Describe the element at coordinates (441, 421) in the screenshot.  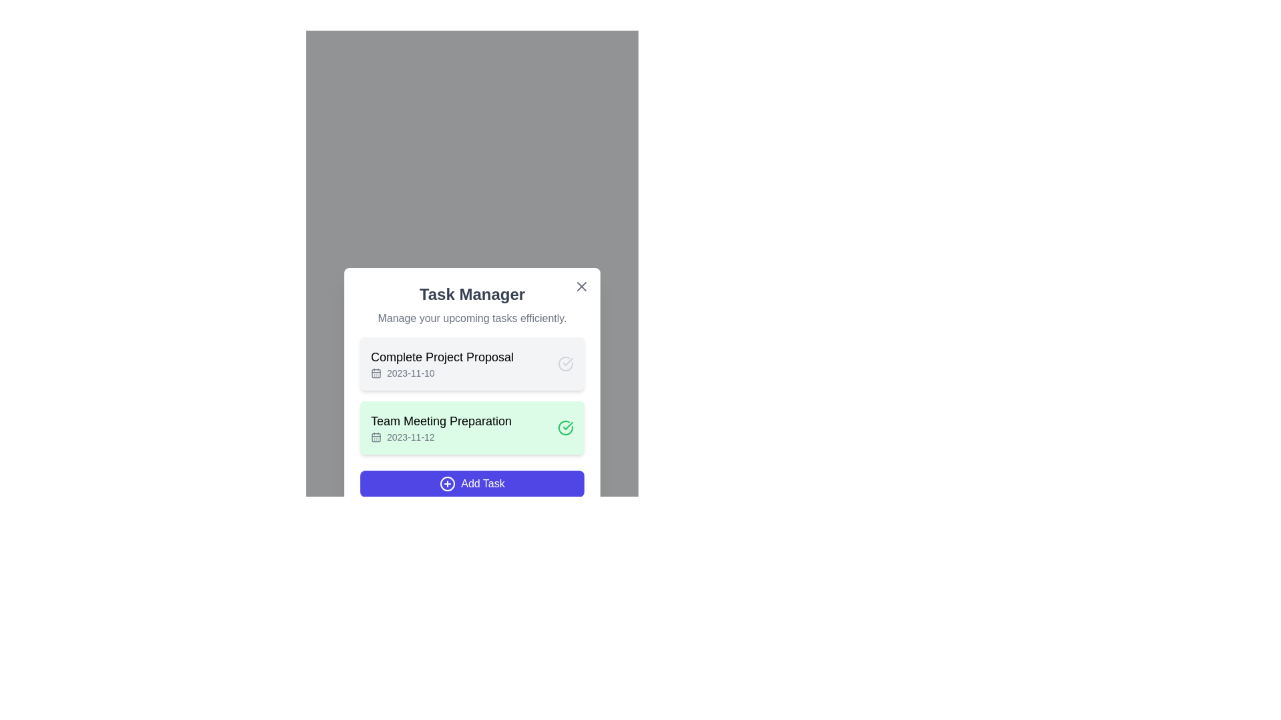
I see `the text label 'Team Meeting Preparation' to select it, which serves as the identifier for the task` at that location.